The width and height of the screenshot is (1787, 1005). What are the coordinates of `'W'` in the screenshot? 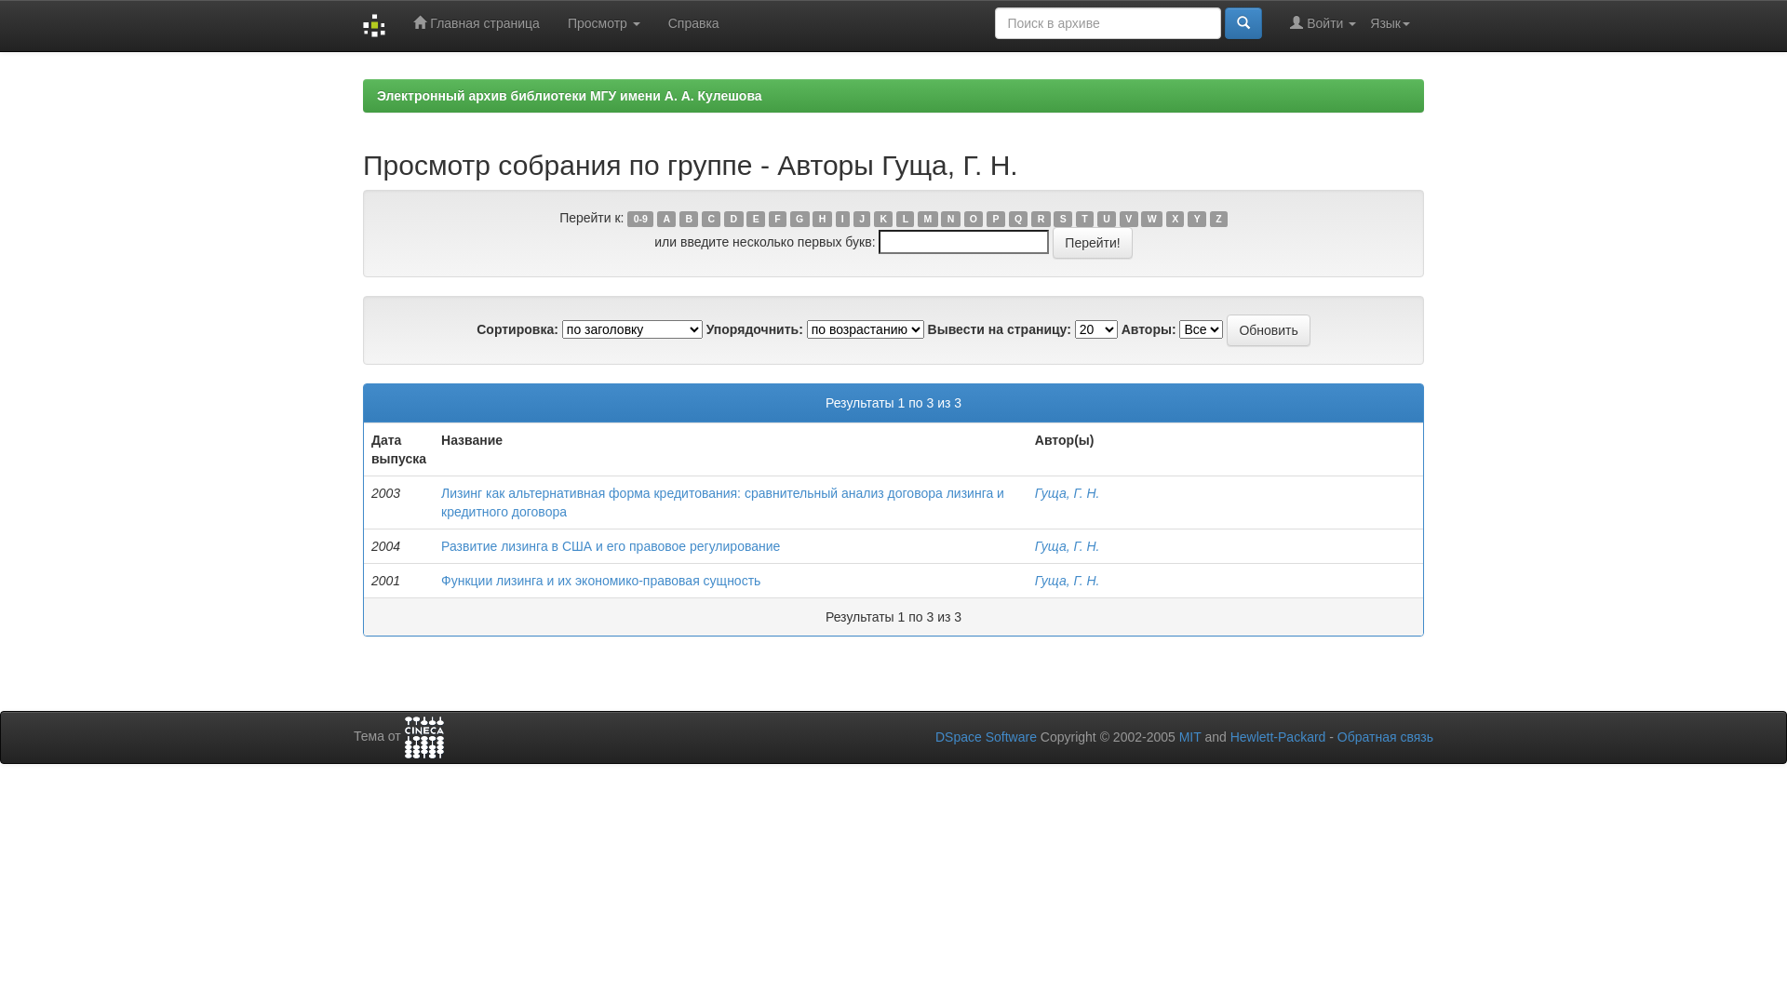 It's located at (1139, 218).